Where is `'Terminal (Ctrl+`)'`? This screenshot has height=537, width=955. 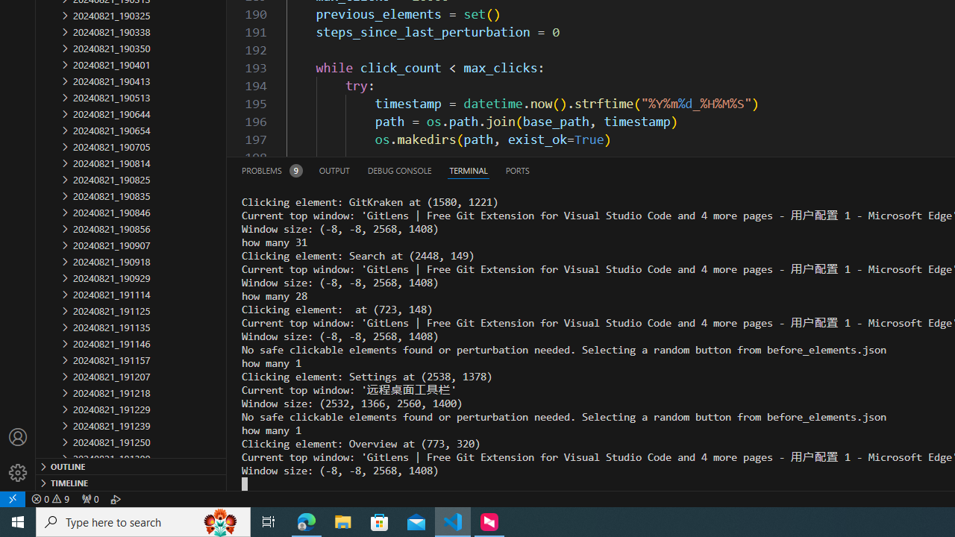 'Terminal (Ctrl+`)' is located at coordinates (467, 169).